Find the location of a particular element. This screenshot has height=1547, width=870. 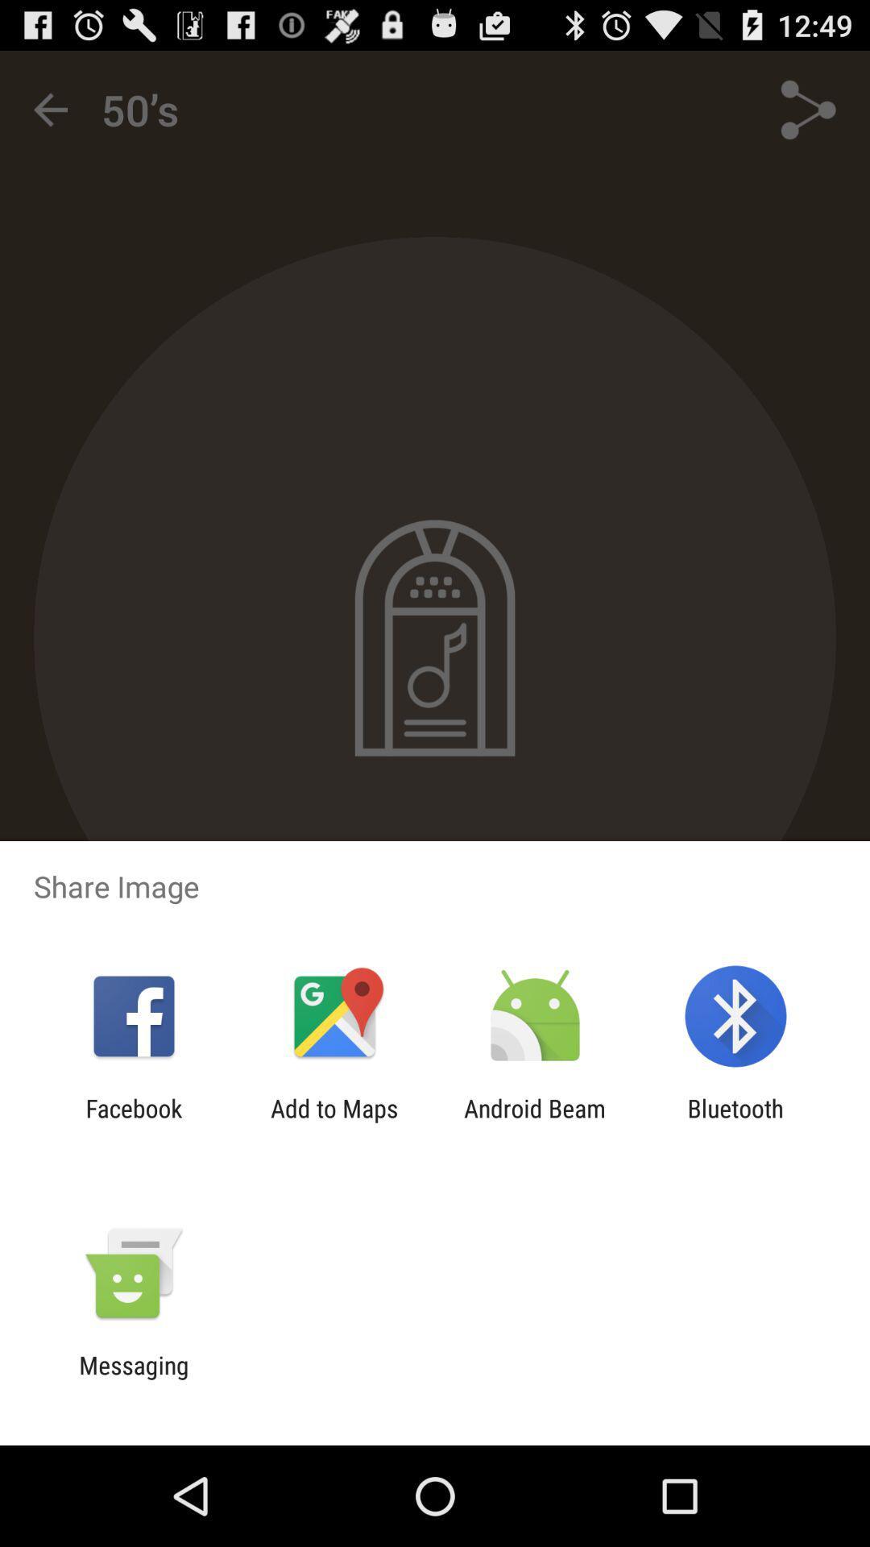

app to the right of facebook app is located at coordinates (333, 1122).